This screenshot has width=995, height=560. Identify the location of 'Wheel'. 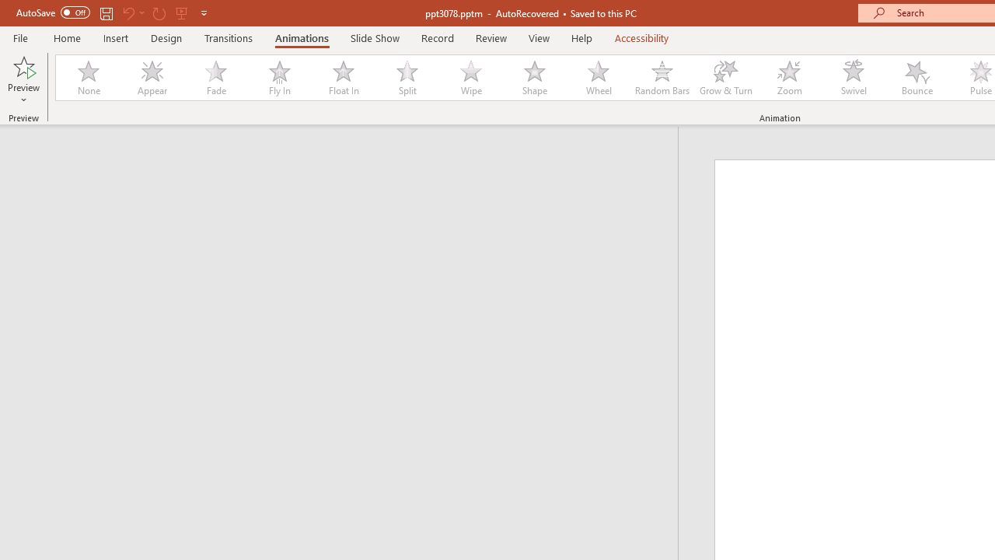
(598, 78).